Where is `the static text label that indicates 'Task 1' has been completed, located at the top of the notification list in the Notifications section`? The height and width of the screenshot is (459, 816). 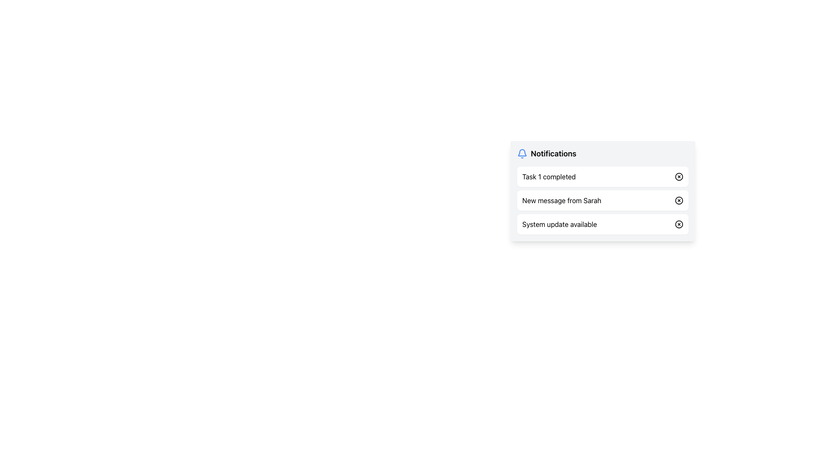 the static text label that indicates 'Task 1' has been completed, located at the top of the notification list in the Notifications section is located at coordinates (549, 176).